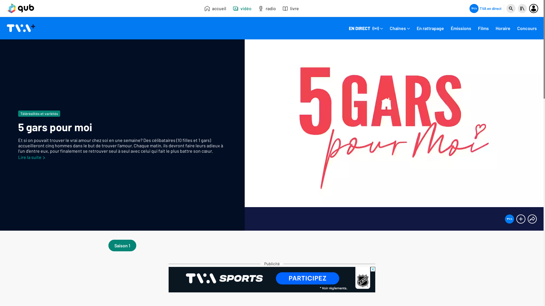 This screenshot has height=306, width=545. What do you see at coordinates (215, 8) in the screenshot?
I see `'accueil'` at bounding box center [215, 8].